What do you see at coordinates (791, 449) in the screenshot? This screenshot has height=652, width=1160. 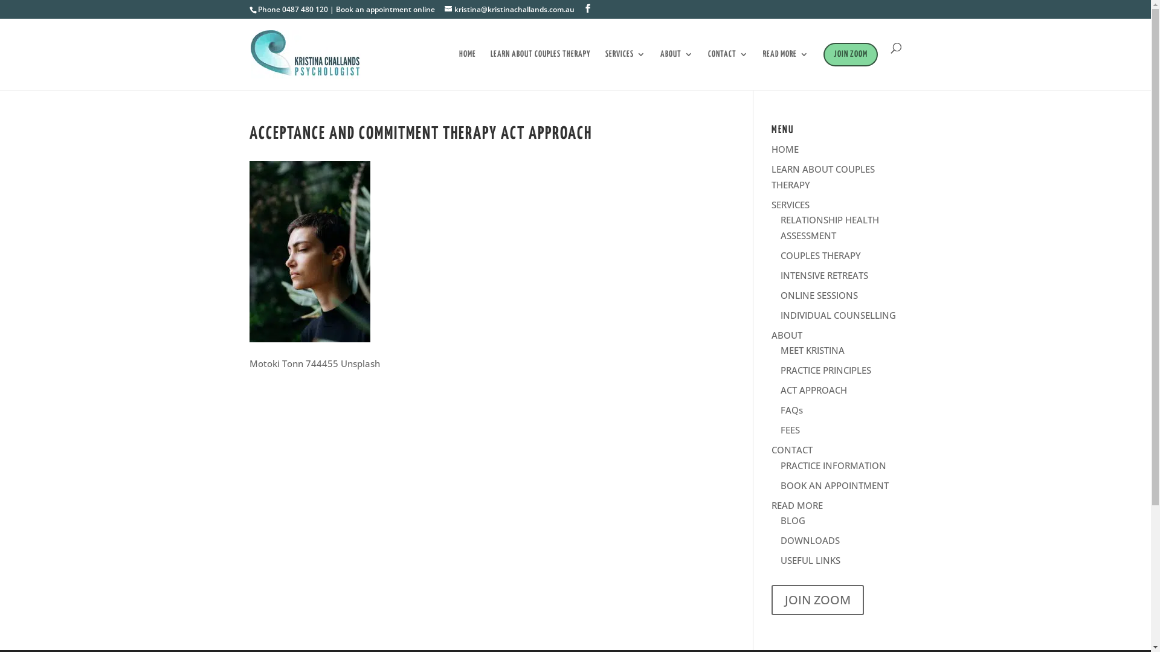 I see `'CONTACT'` at bounding box center [791, 449].